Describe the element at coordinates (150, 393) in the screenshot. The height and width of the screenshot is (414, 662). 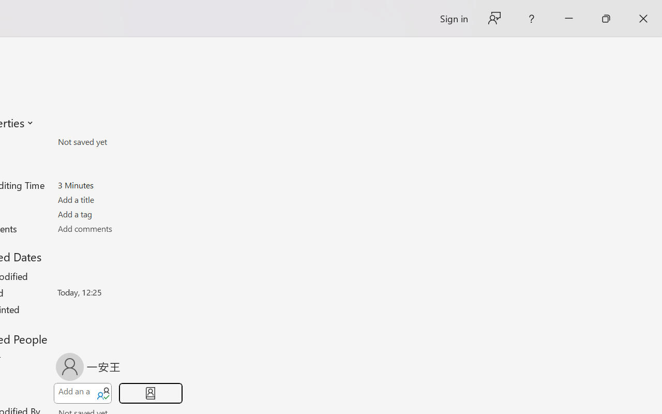
I see `'Browse Address Book'` at that location.